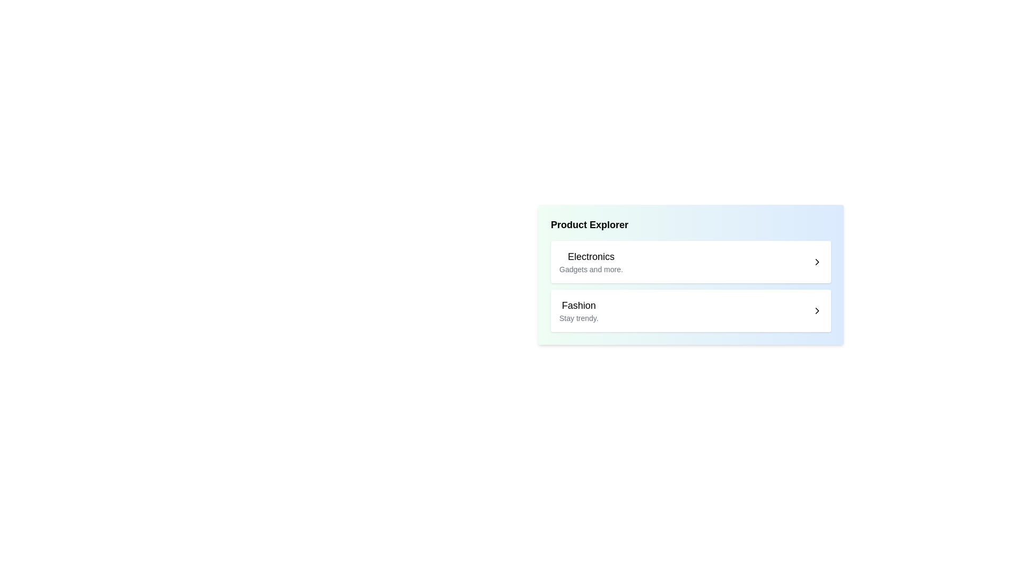  What do you see at coordinates (578, 305) in the screenshot?
I see `the bold text label reading 'Fashion' located centrally in the second row of the 'Product Explorer' section, above the smaller gray text 'Stay trendy.'` at bounding box center [578, 305].